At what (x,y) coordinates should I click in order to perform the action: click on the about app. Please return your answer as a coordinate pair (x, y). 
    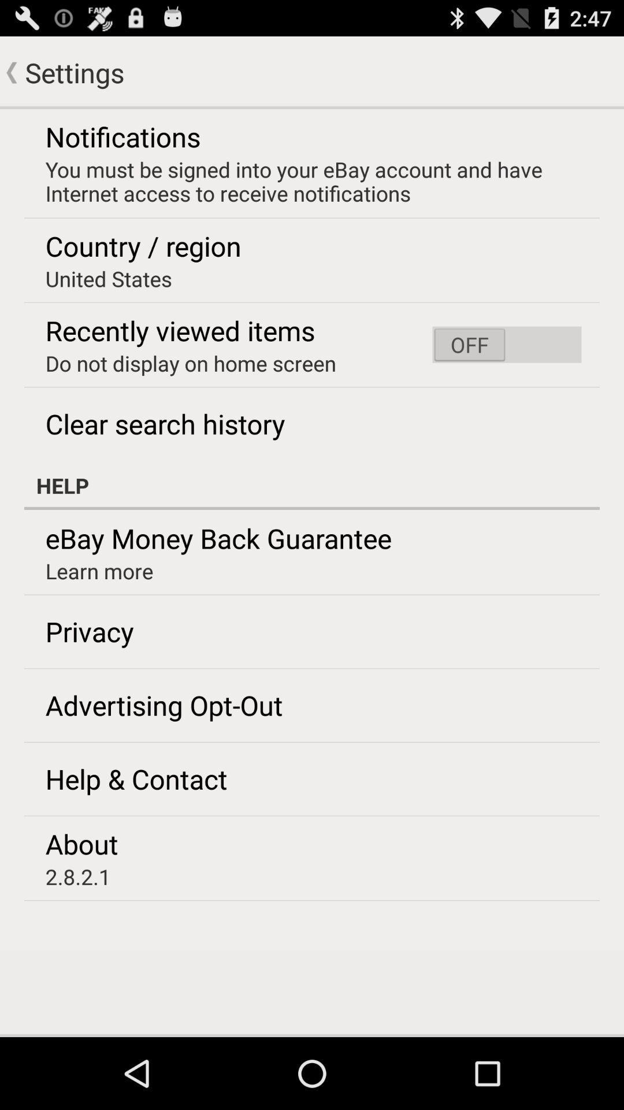
    Looking at the image, I should click on (81, 843).